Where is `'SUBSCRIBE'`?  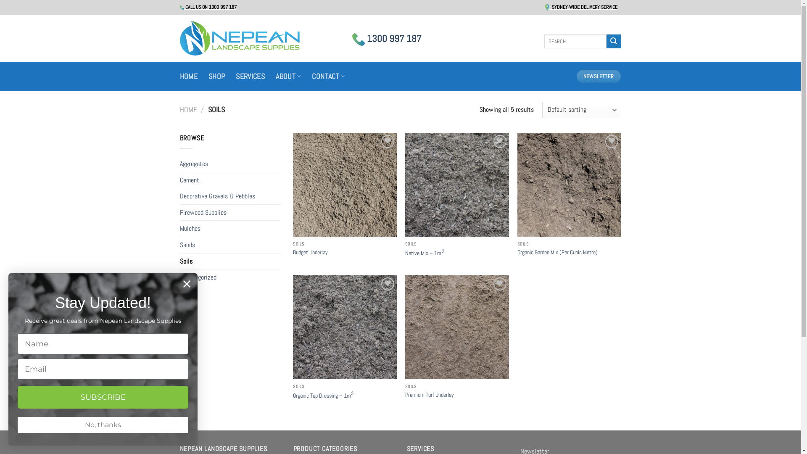
'SUBSCRIBE' is located at coordinates (102, 397).